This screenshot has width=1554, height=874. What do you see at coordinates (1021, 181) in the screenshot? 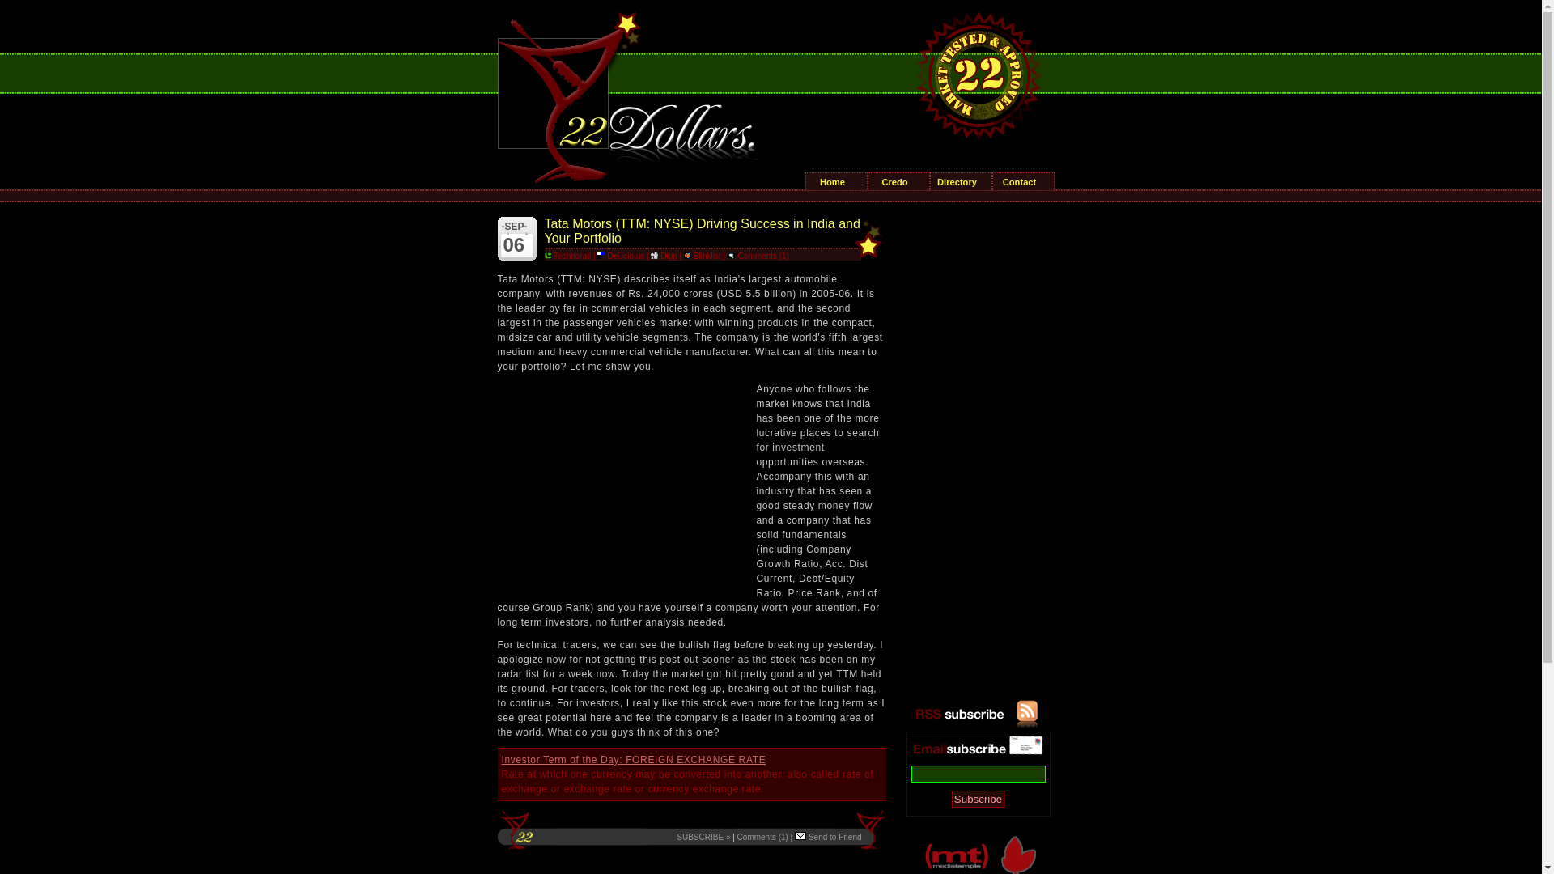
I see `'Contact'` at bounding box center [1021, 181].